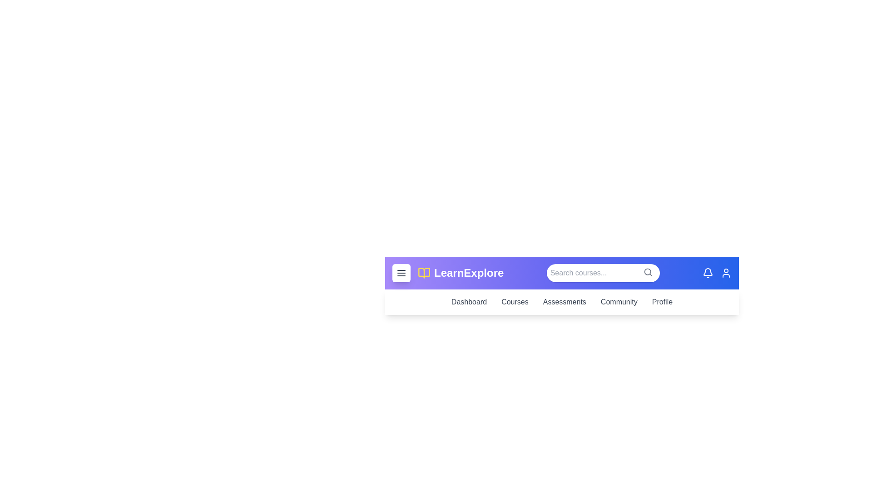  I want to click on the Dashboard link in the navigation bar to navigate to the corresponding section, so click(469, 302).